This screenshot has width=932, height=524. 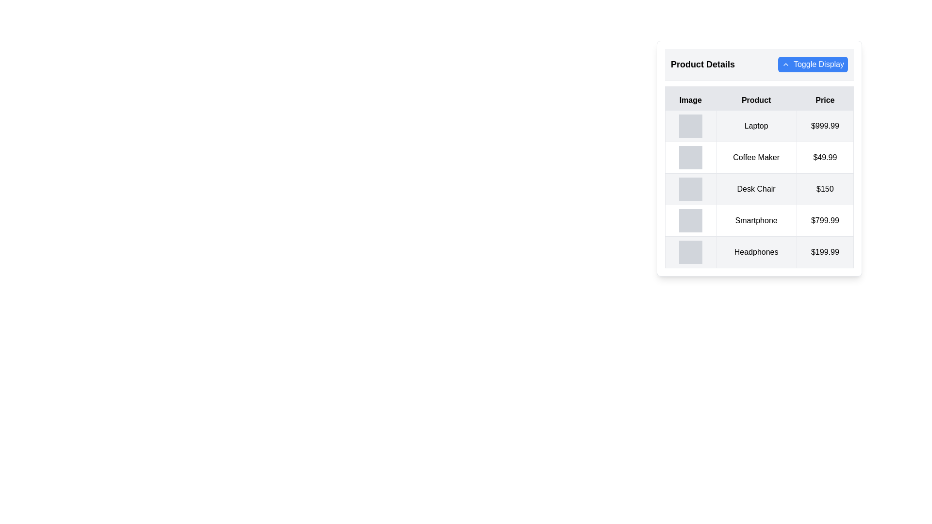 I want to click on the 'Desk Chair' text display element located in the third row of the table under the 'Product' column, so click(x=756, y=189).